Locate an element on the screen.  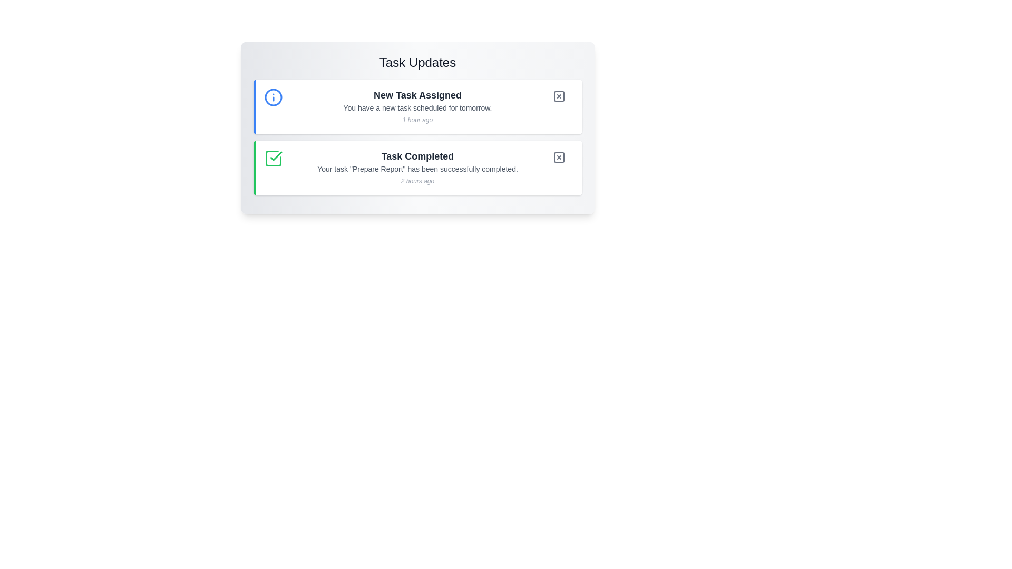
the static text that indicates the elapsed time since the task was marked as completed, located below the completion message of 'Your task "Prepare Report" has been successfully completed.' is located at coordinates (417, 180).